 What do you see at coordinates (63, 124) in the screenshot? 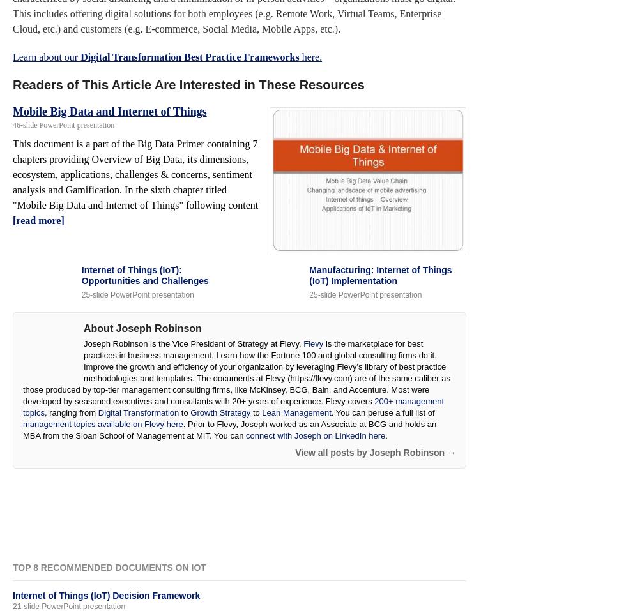
I see `'46-slide PowerPoint presentation'` at bounding box center [63, 124].